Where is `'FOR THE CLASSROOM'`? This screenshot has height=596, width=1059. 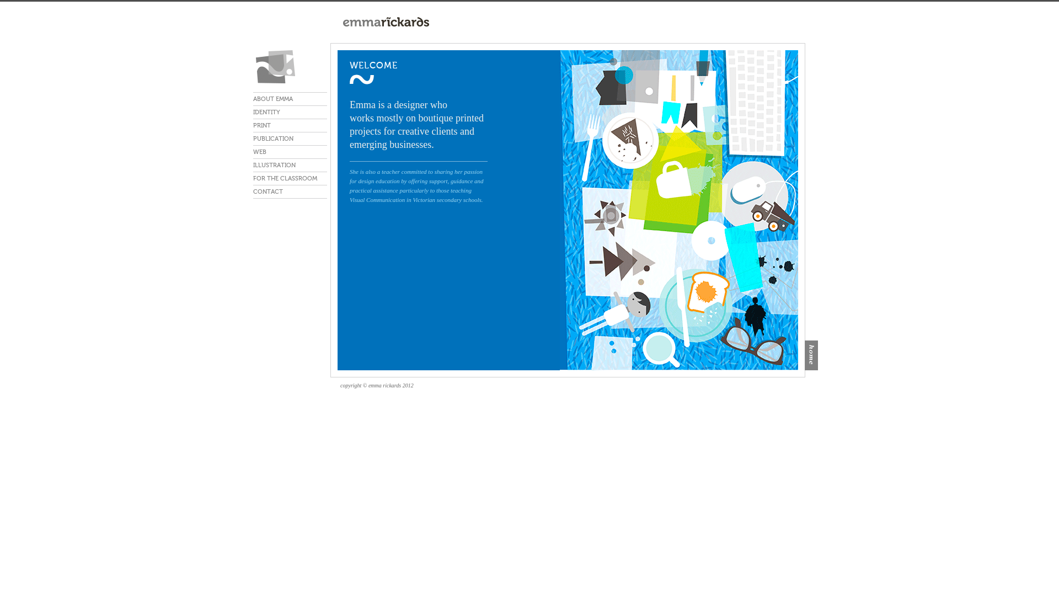 'FOR THE CLASSROOM' is located at coordinates (290, 178).